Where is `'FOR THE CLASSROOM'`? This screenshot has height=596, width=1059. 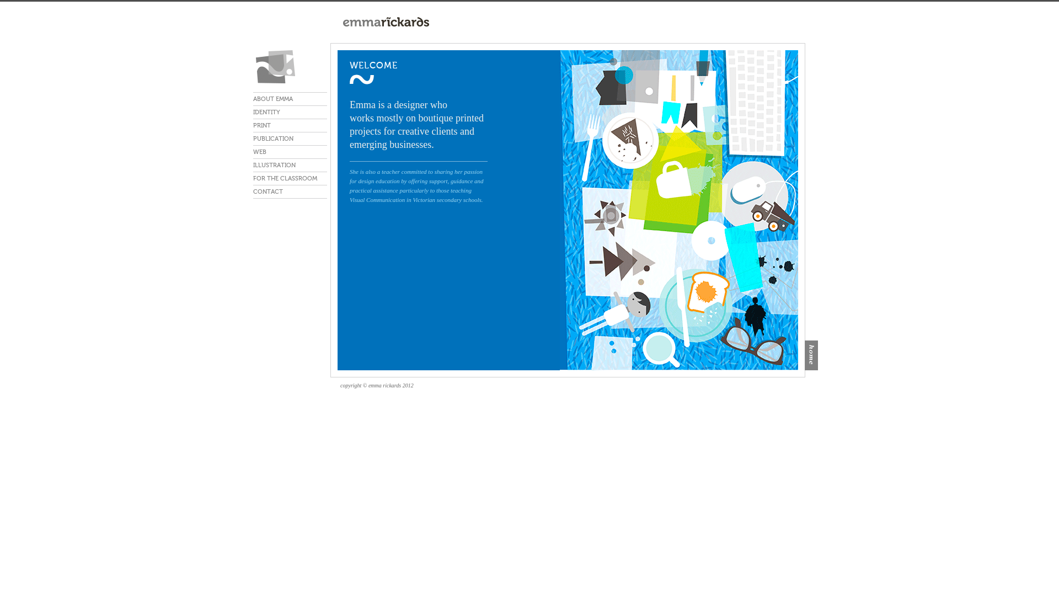 'FOR THE CLASSROOM' is located at coordinates (290, 178).